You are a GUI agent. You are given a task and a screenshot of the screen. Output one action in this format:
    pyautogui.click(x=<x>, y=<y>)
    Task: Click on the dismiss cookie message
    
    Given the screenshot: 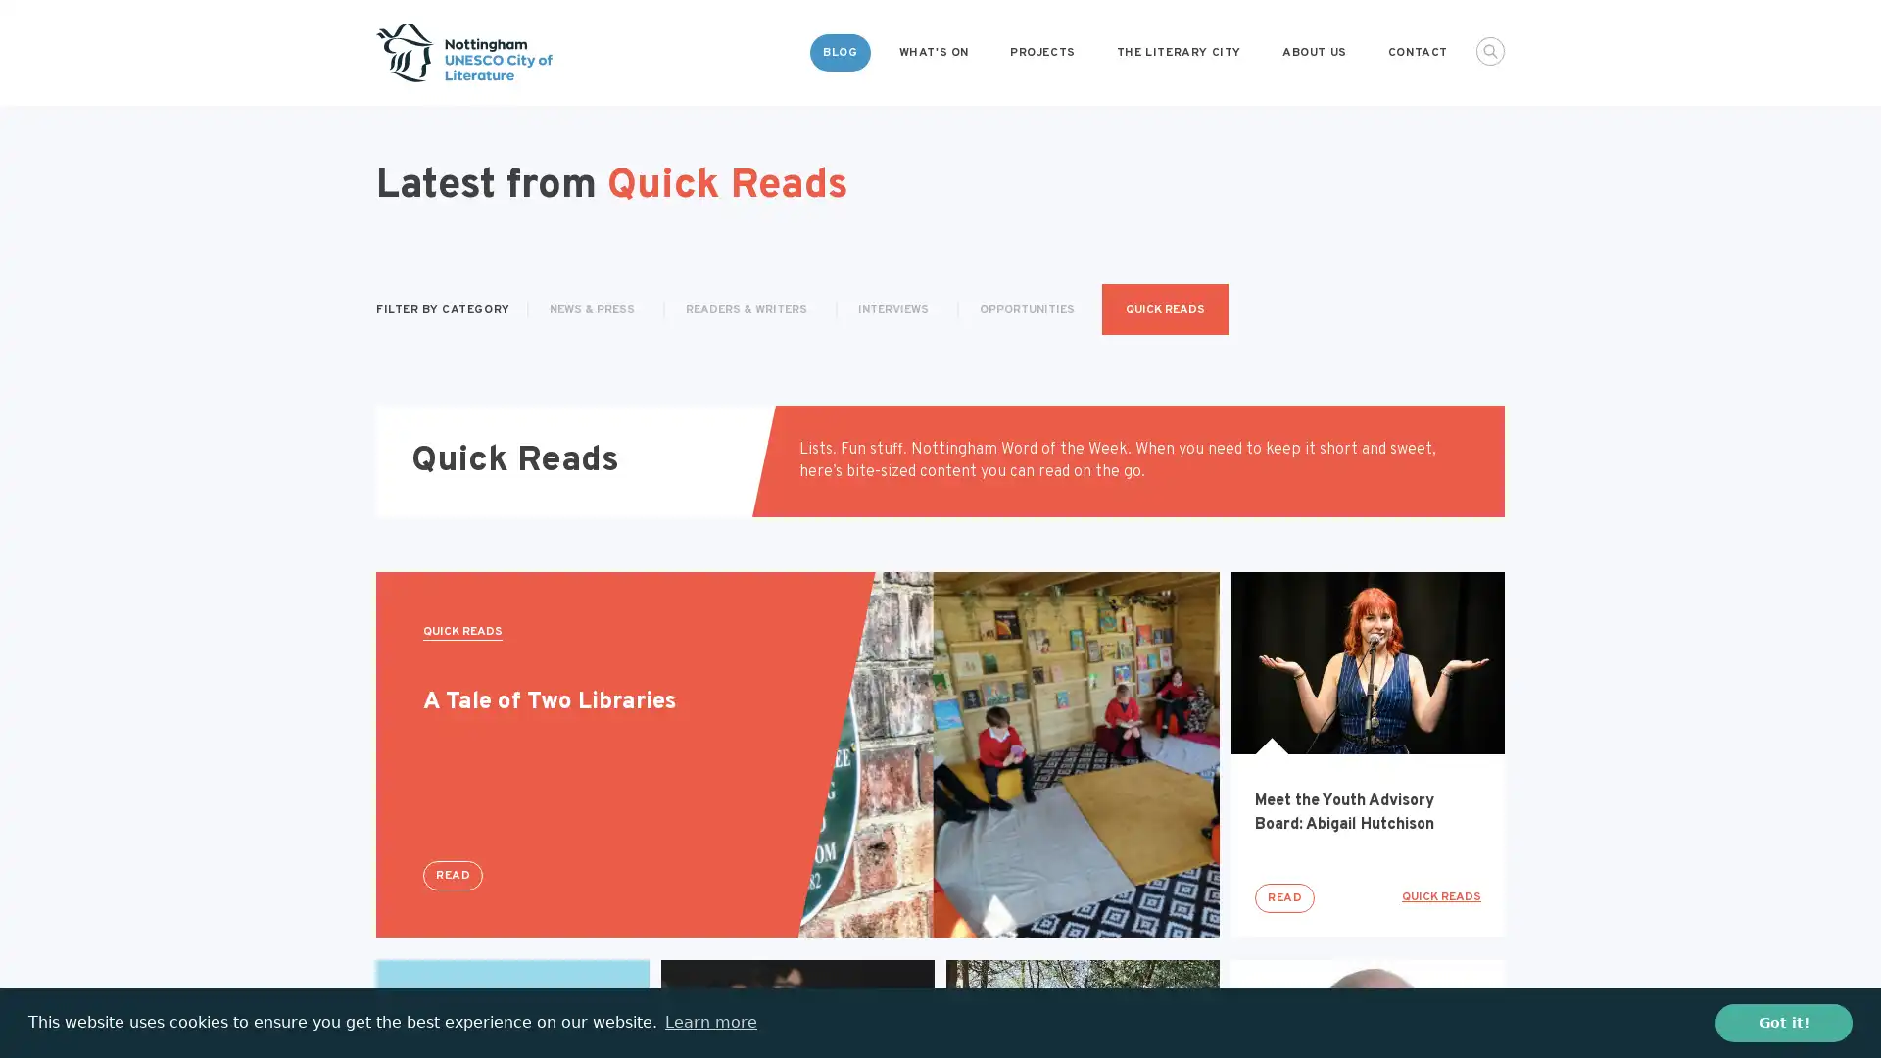 What is the action you would take?
    pyautogui.click(x=1783, y=1022)
    